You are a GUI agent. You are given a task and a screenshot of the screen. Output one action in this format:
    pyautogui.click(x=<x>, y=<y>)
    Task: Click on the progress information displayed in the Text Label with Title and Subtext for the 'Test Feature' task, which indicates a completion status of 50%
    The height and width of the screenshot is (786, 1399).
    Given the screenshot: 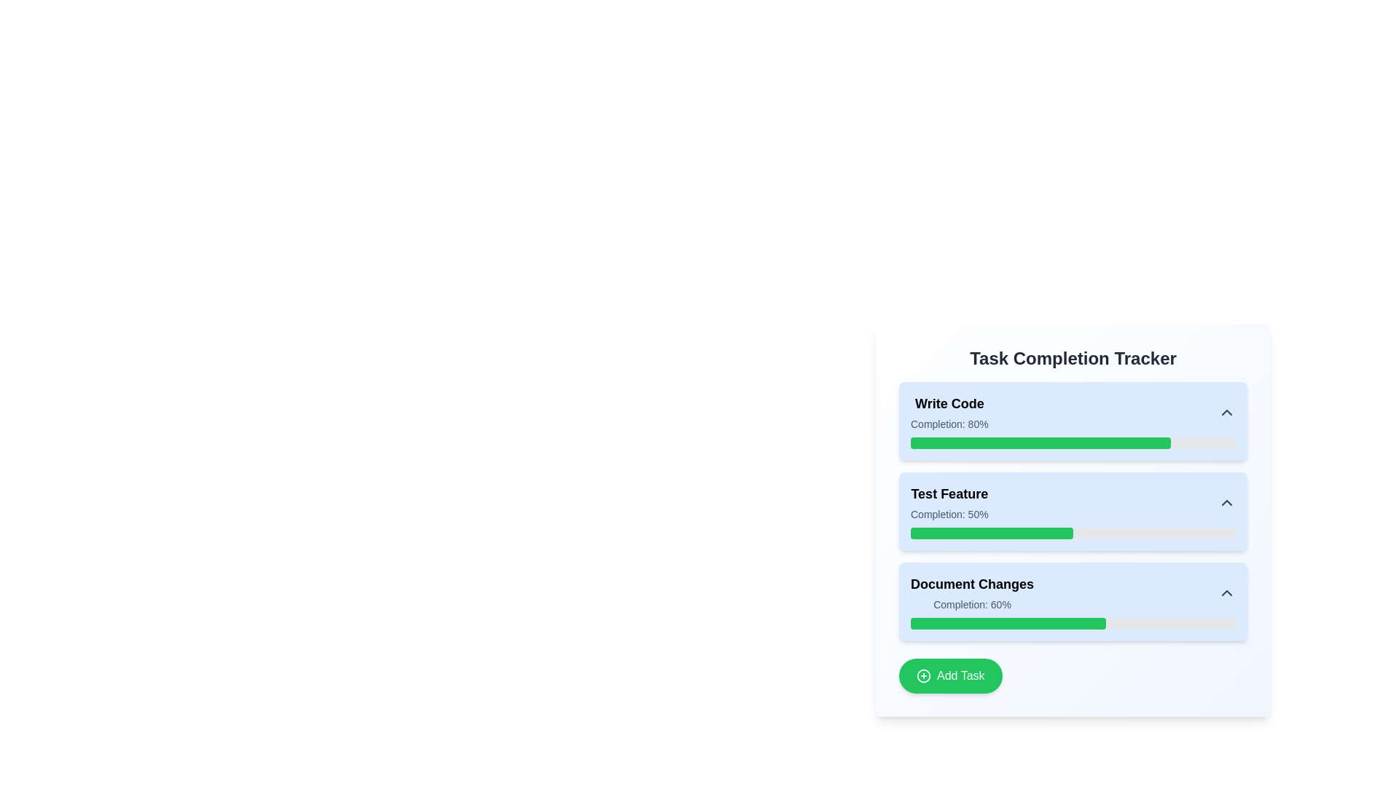 What is the action you would take?
    pyautogui.click(x=949, y=501)
    